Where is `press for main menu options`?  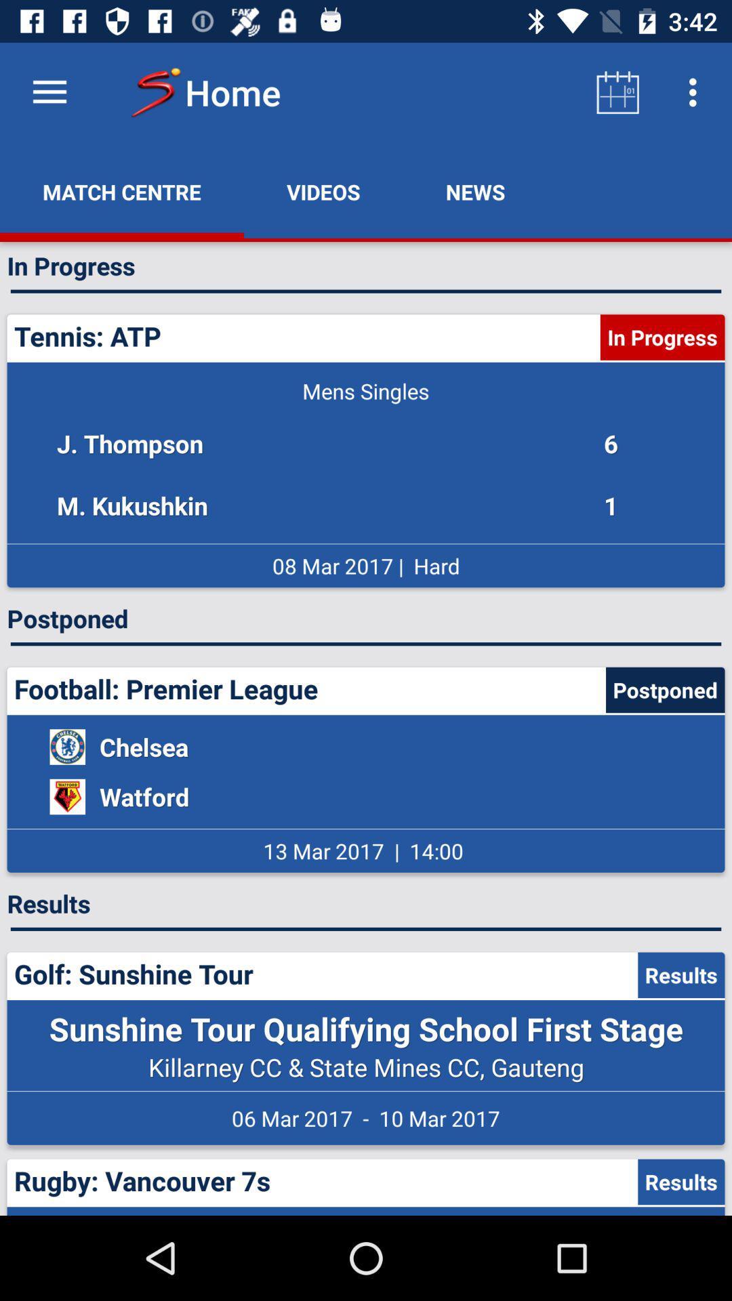
press for main menu options is located at coordinates (49, 91).